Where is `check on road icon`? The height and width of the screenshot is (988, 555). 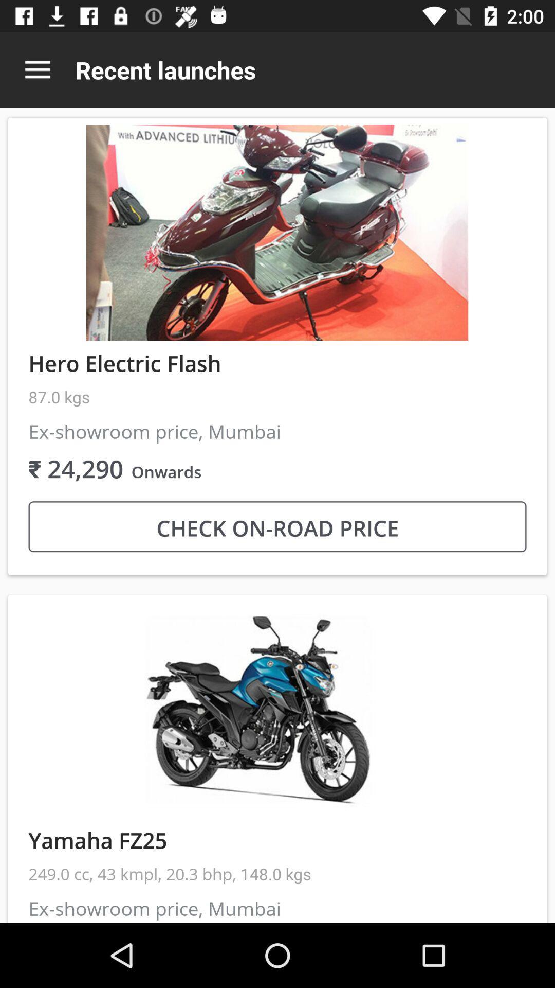 check on road icon is located at coordinates (277, 526).